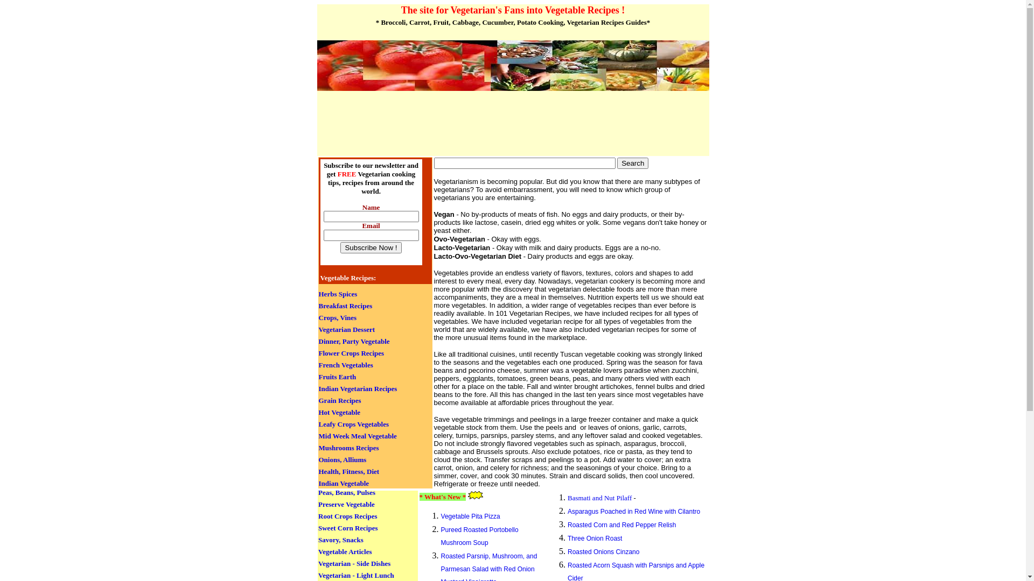 This screenshot has width=1034, height=581. Describe the element at coordinates (346, 306) in the screenshot. I see `'Breakfast Recipes'` at that location.